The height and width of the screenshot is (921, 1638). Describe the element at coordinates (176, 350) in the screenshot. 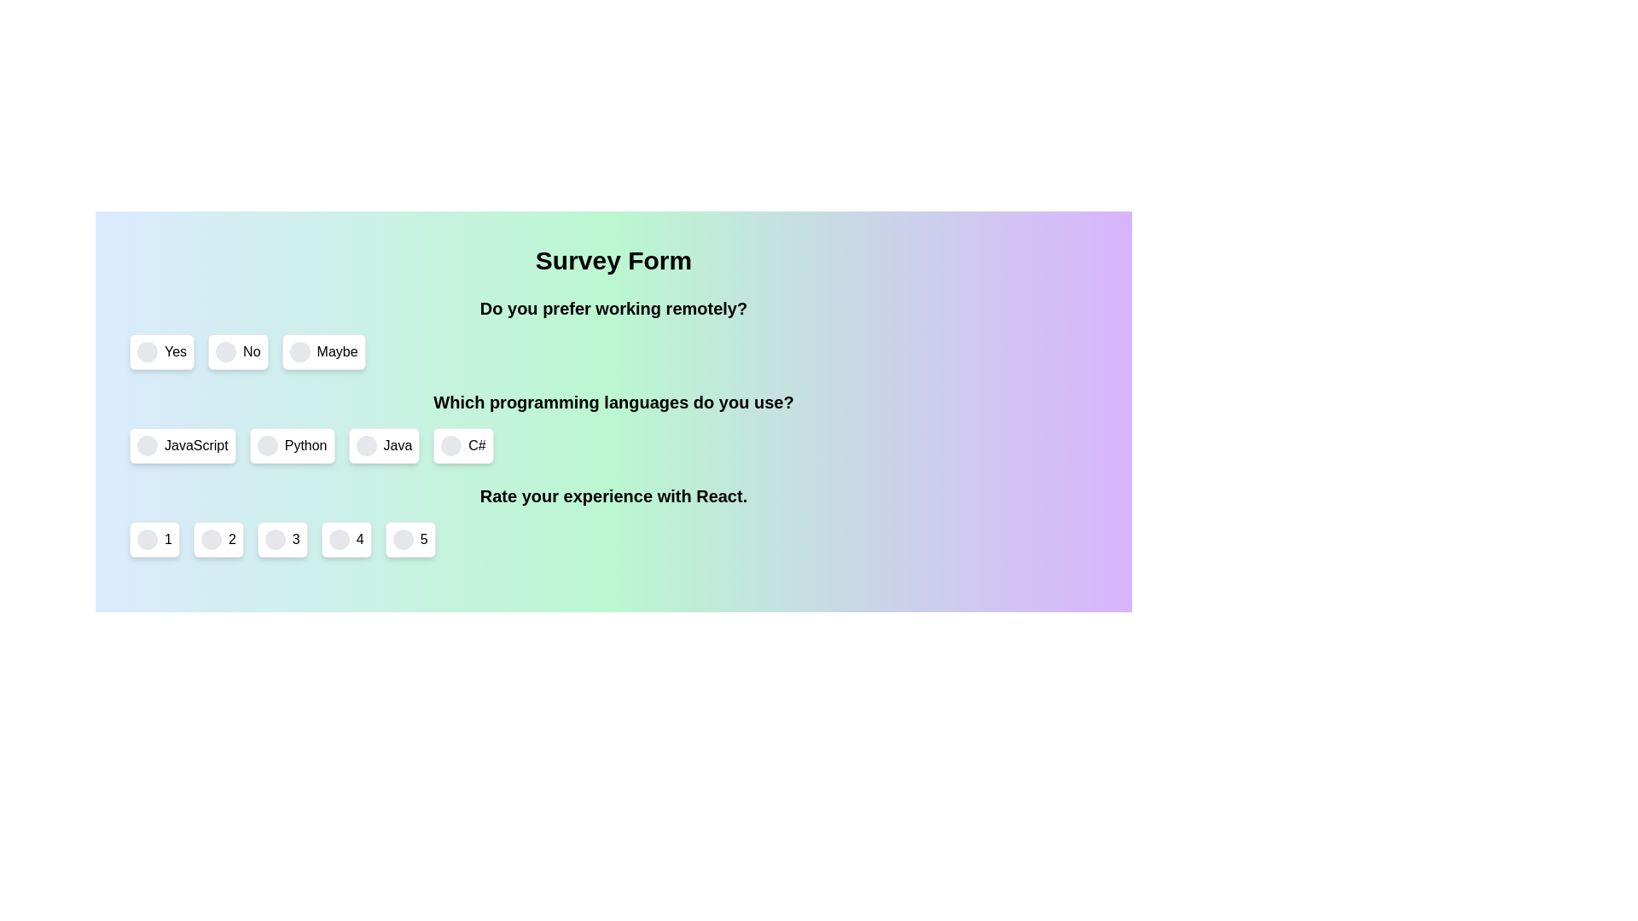

I see `the static text label 'Yes' associated with the radio button for further interaction` at that location.